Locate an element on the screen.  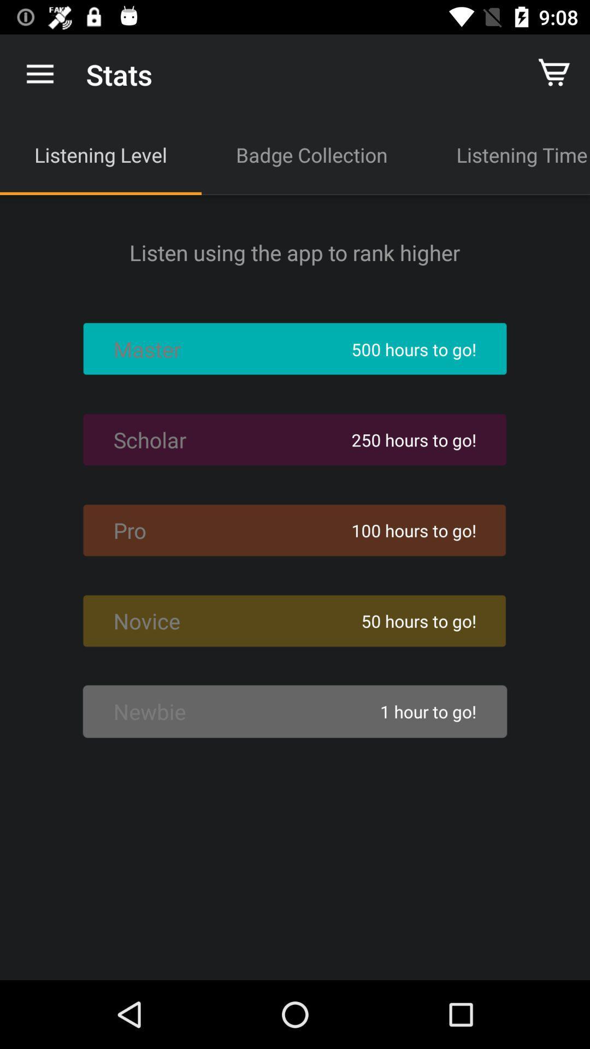
item to the left of the stats is located at coordinates (39, 74).